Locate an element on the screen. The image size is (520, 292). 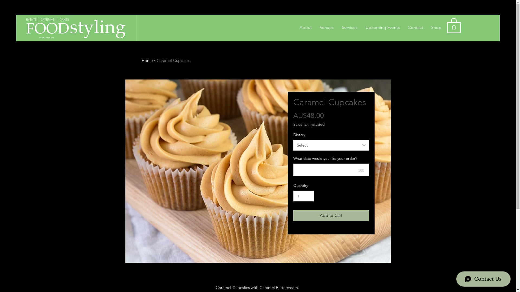
'Shop' is located at coordinates (436, 27).